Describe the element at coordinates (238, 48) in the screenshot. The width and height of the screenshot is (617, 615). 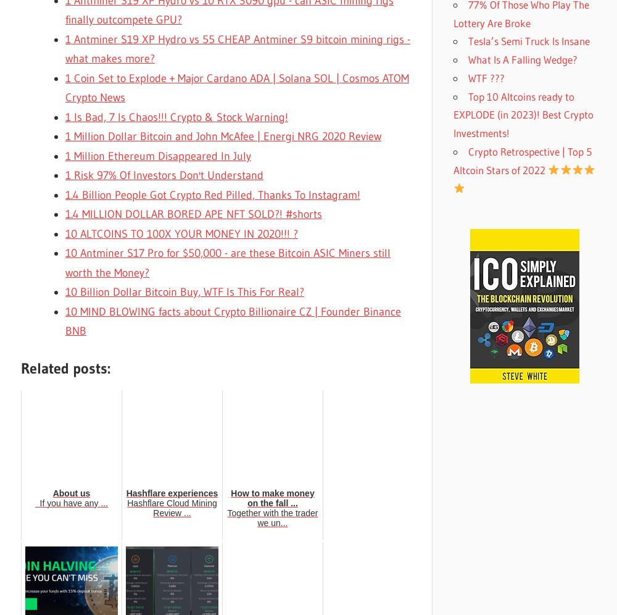
I see `'1 Antminer S19 XP Hydro vs 55 CHEAP Antminer S9 bitcoin mining rigs - what makes more?'` at that location.